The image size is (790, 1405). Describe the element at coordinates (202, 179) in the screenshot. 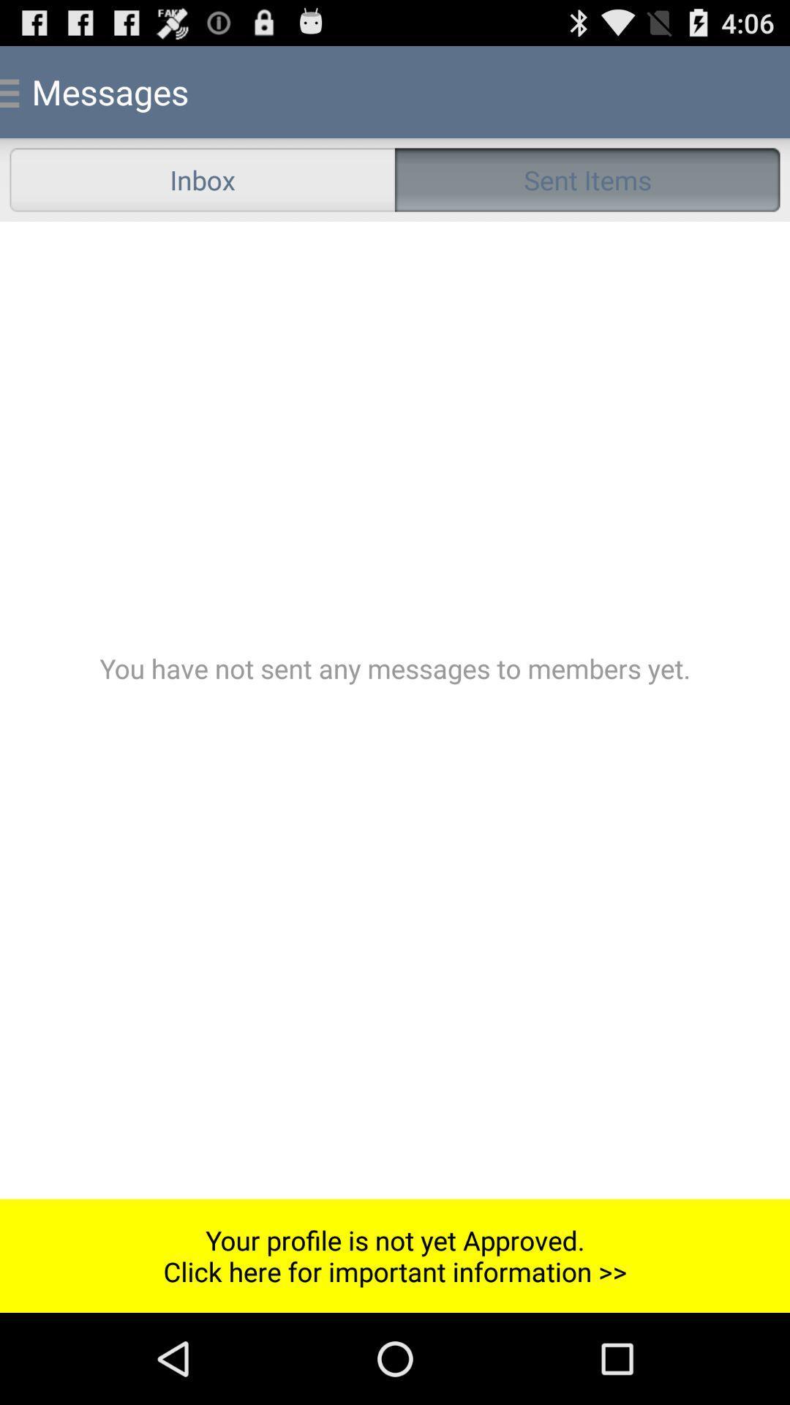

I see `the item to the left of sent items item` at that location.